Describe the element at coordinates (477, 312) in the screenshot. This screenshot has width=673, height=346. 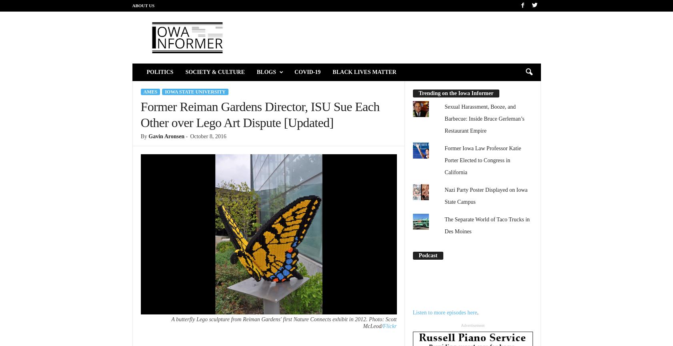
I see `'.'` at that location.